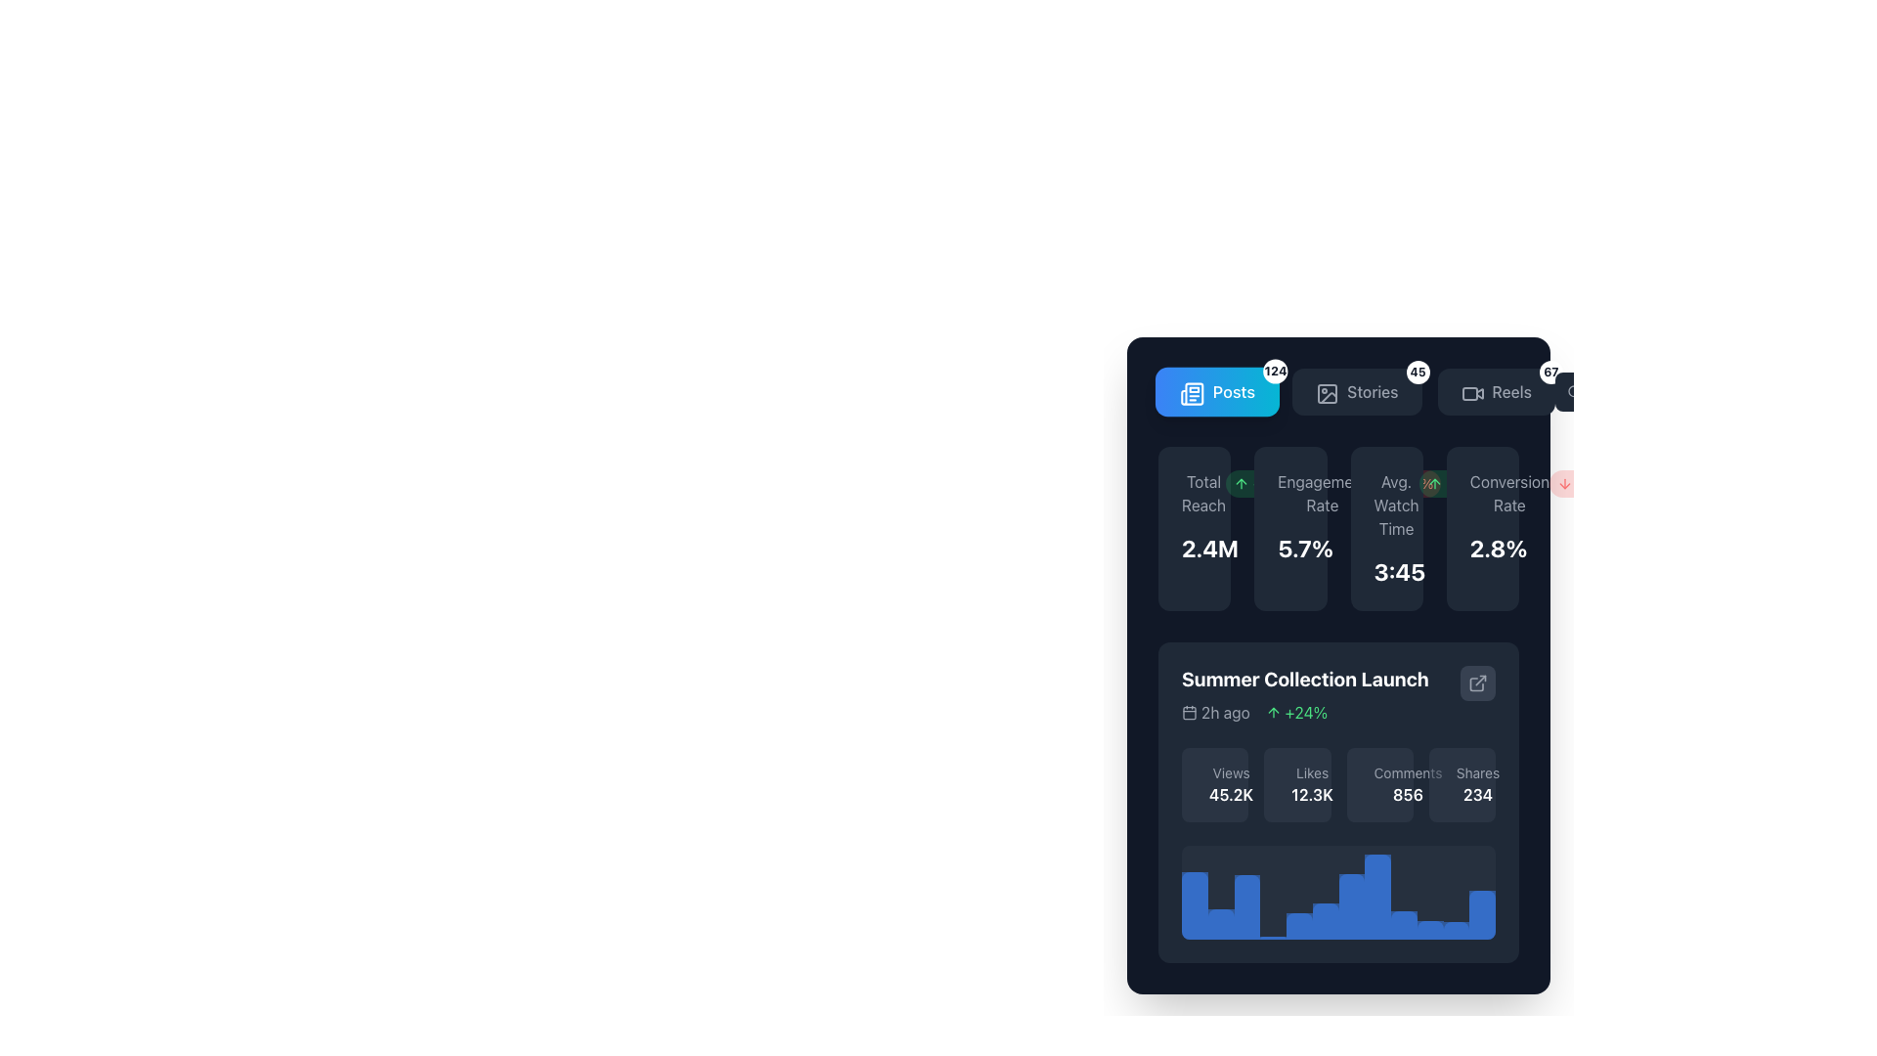 The image size is (1877, 1056). What do you see at coordinates (1478, 771) in the screenshot?
I see `the text label titled 'Shares' displaying the number '234' located at the far-right of a row of similar components` at bounding box center [1478, 771].